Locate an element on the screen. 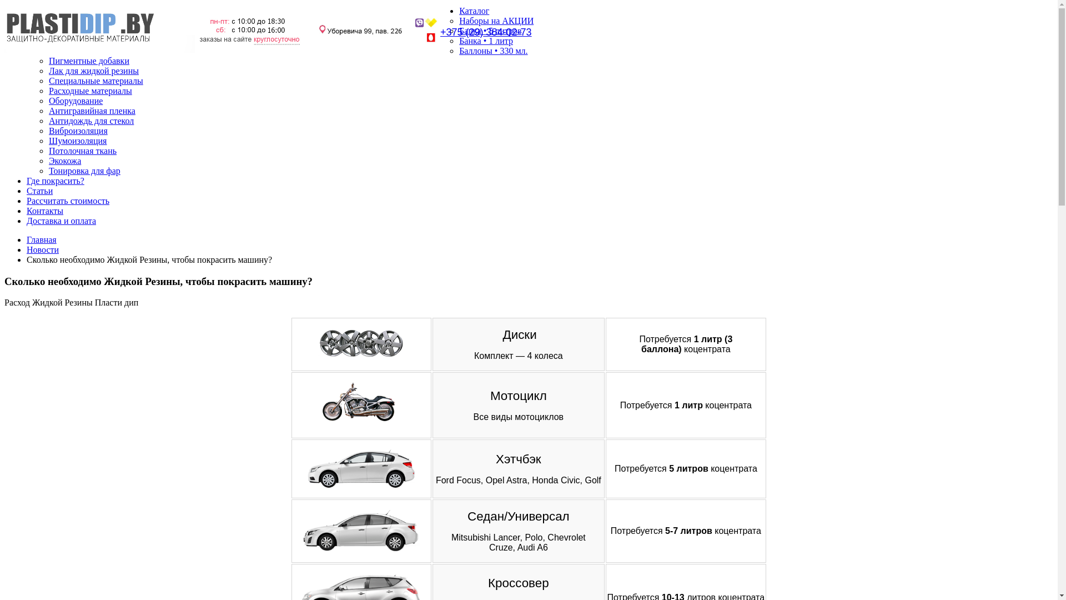 This screenshot has width=1066, height=600. '+375 (29) 384-02-73' is located at coordinates (486, 31).